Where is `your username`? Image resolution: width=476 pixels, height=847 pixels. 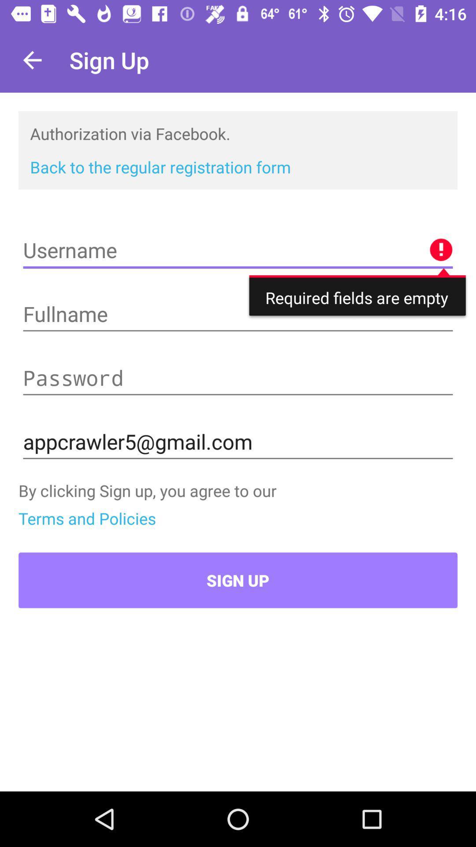 your username is located at coordinates (238, 250).